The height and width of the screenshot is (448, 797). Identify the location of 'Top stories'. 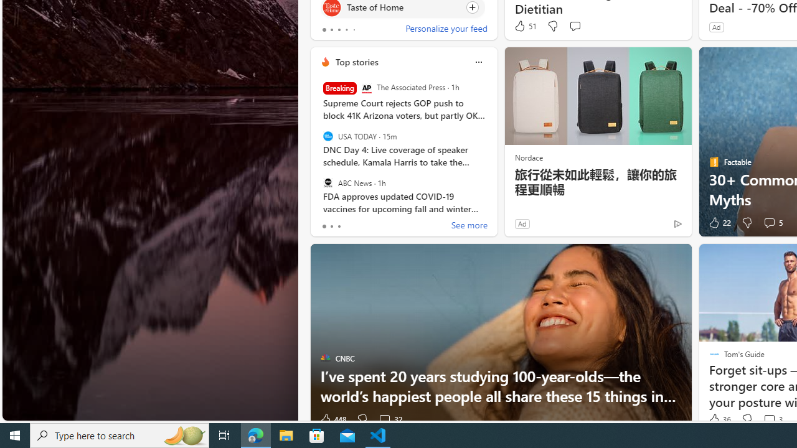
(356, 62).